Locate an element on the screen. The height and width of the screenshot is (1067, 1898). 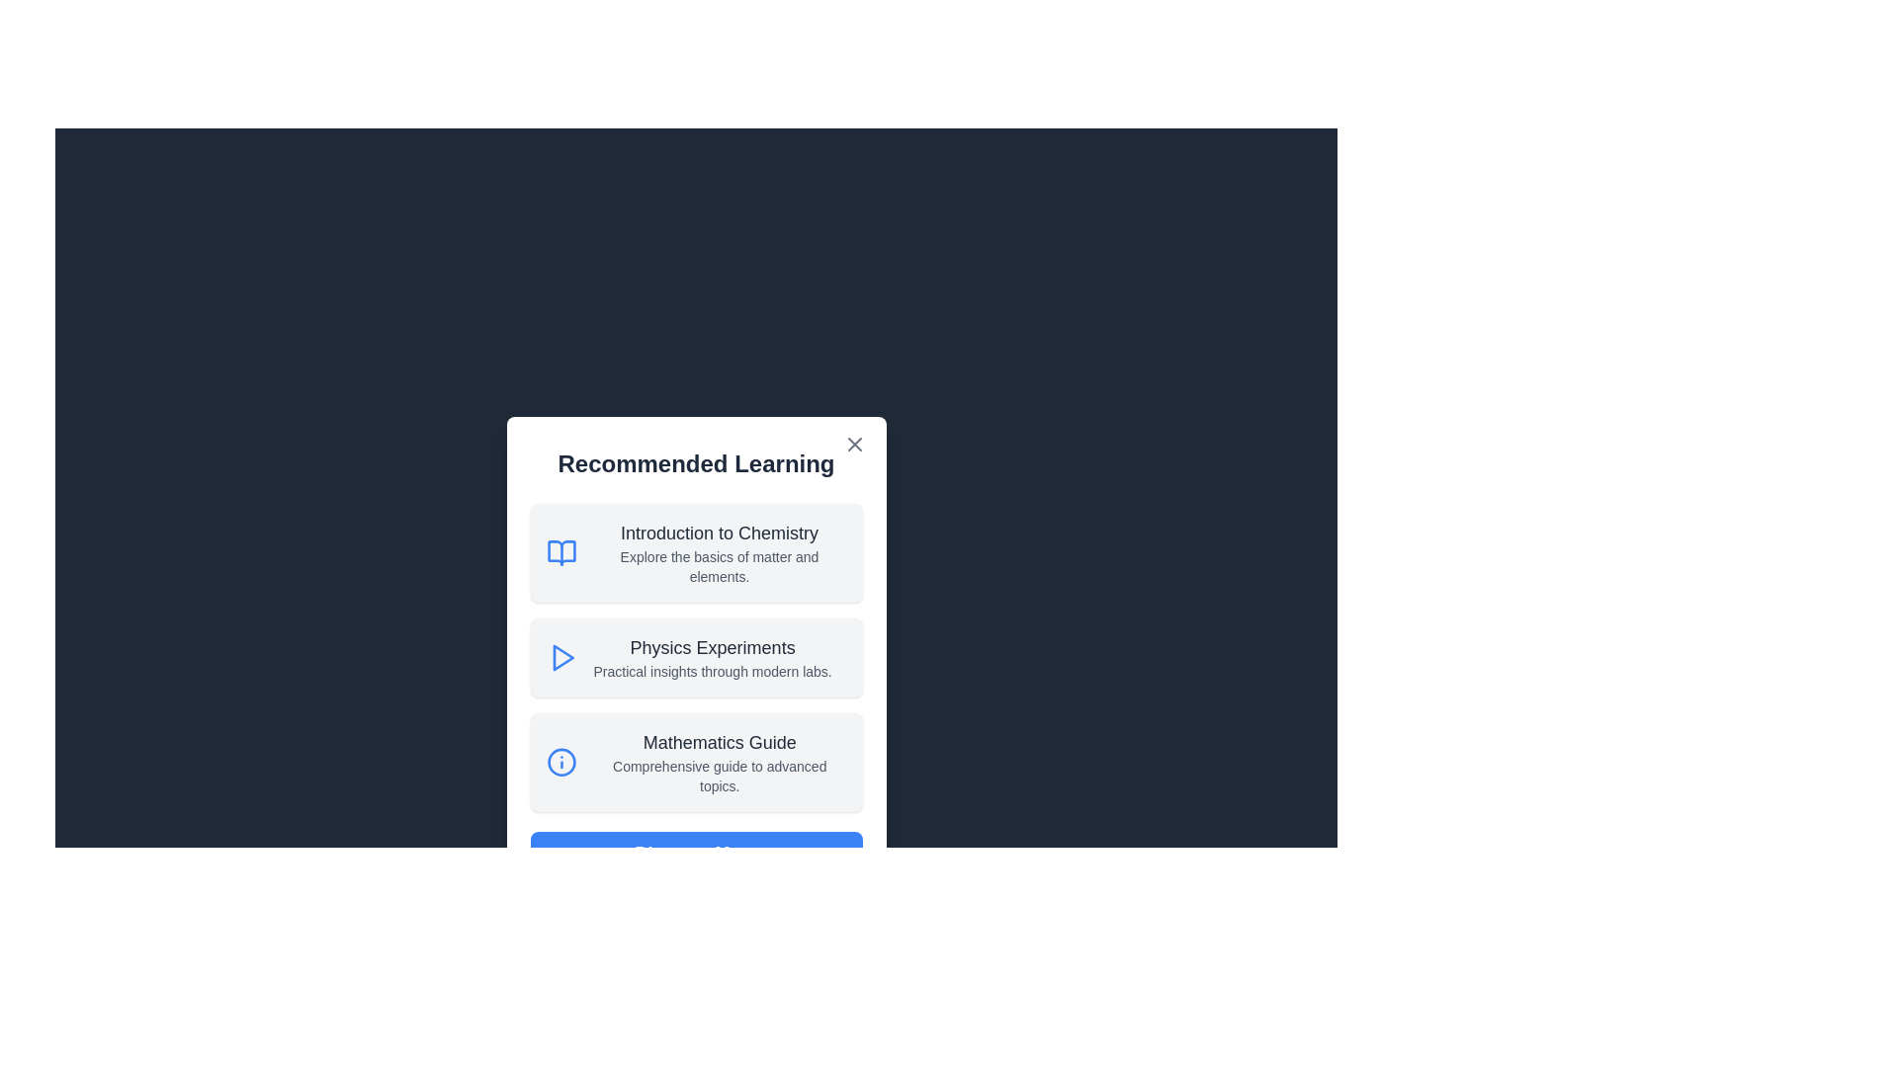
the Decorative Circle within the SVG icon for the 'Mathematics Guide' in the 'Recommended Learning' section is located at coordinates (561, 761).